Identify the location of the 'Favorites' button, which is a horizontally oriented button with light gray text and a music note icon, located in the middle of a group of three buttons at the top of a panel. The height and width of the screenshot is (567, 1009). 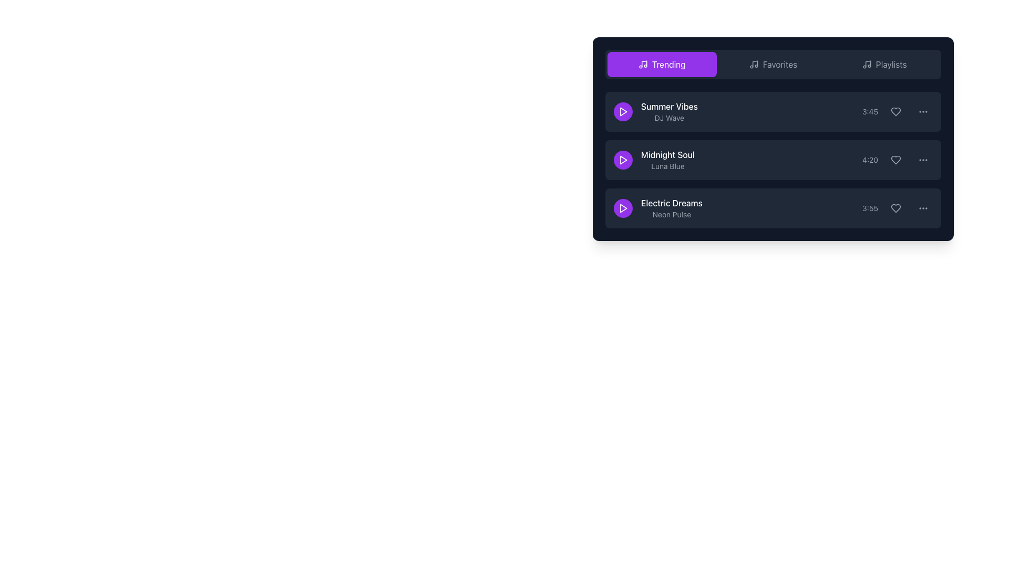
(773, 65).